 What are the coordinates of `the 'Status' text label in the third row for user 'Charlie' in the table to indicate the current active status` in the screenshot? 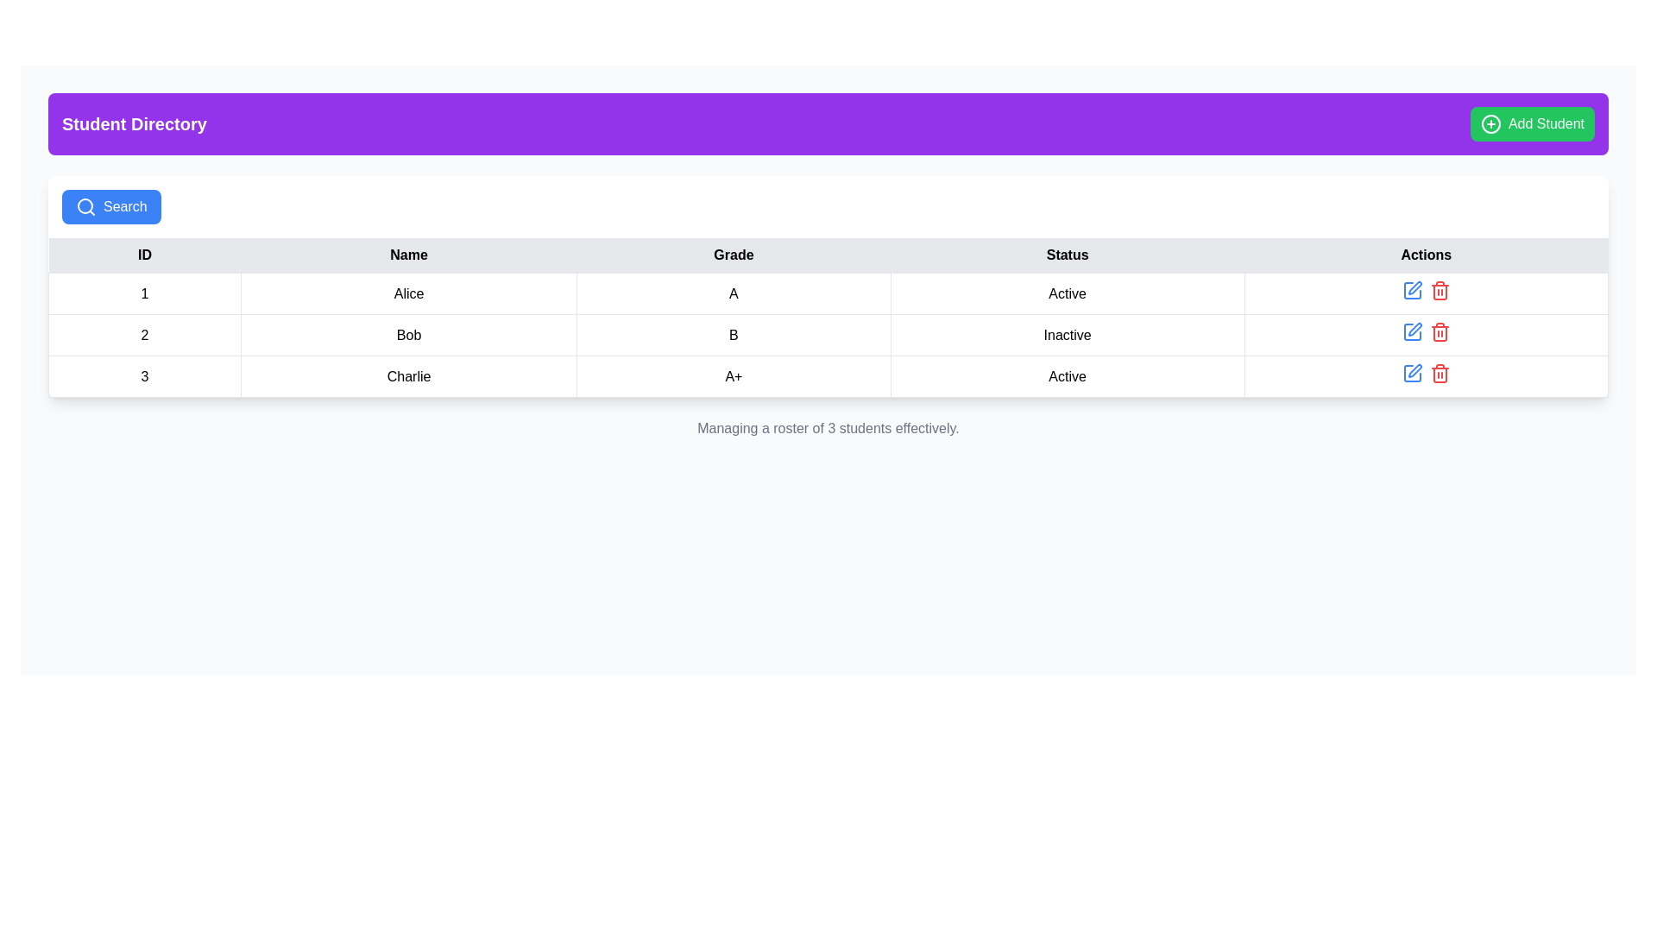 It's located at (1067, 375).